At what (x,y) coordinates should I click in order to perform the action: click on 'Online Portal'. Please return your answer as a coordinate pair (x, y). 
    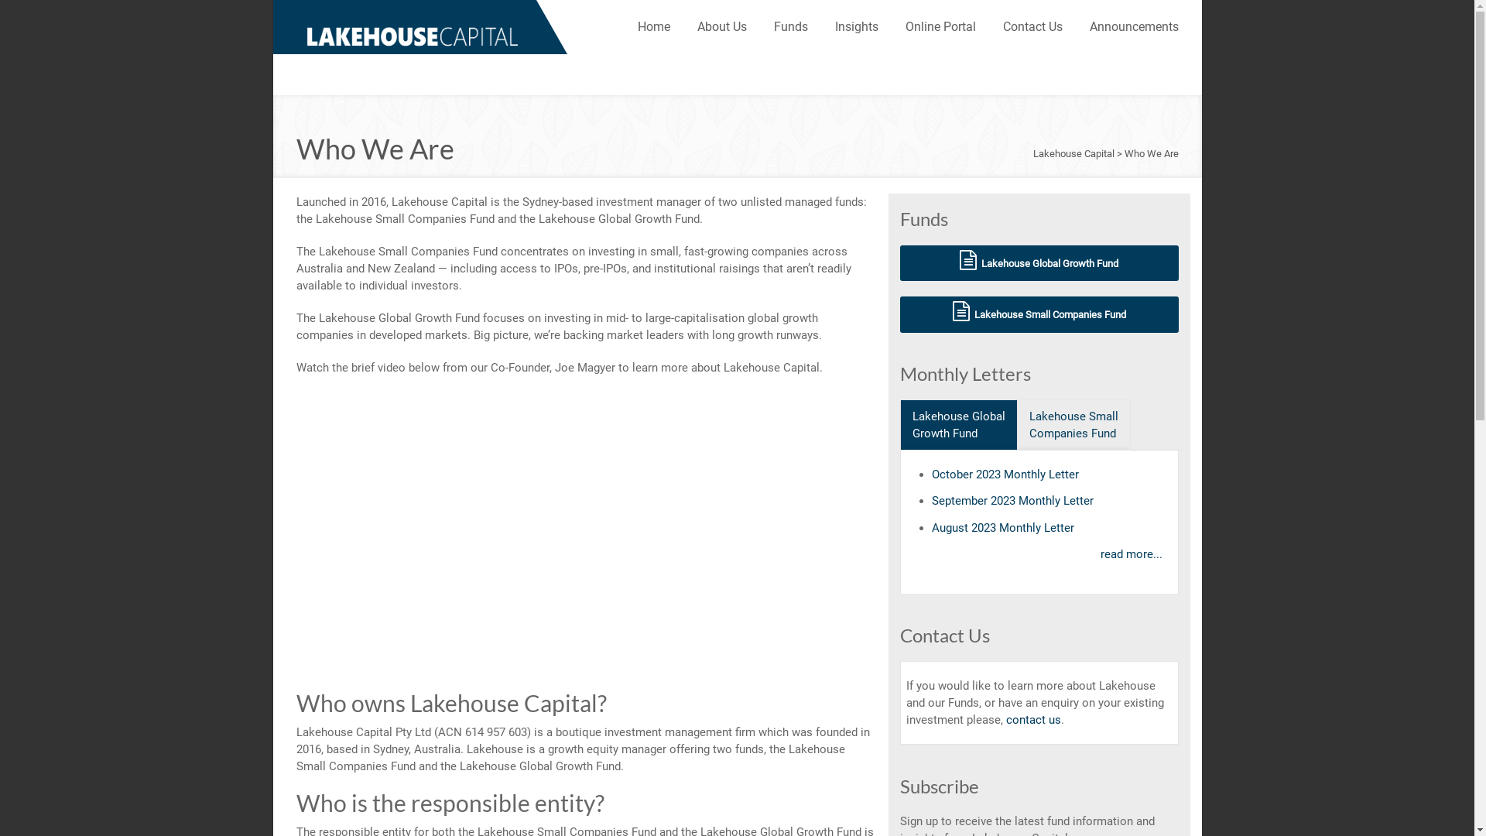
    Looking at the image, I should click on (940, 26).